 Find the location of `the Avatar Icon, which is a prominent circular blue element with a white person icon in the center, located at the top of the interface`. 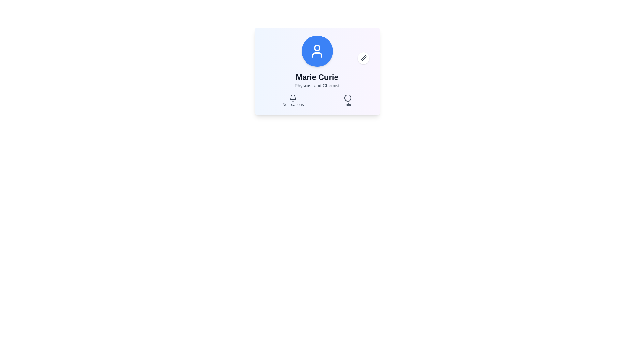

the Avatar Icon, which is a prominent circular blue element with a white person icon in the center, located at the top of the interface is located at coordinates (317, 51).